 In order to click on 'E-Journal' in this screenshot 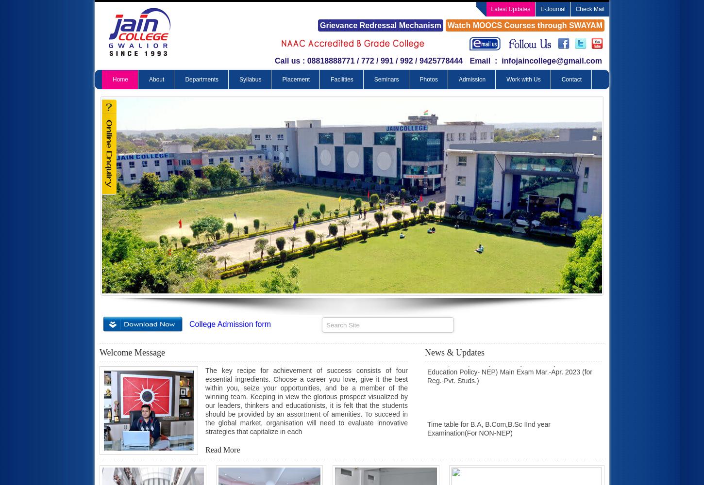, I will do `click(552, 9)`.